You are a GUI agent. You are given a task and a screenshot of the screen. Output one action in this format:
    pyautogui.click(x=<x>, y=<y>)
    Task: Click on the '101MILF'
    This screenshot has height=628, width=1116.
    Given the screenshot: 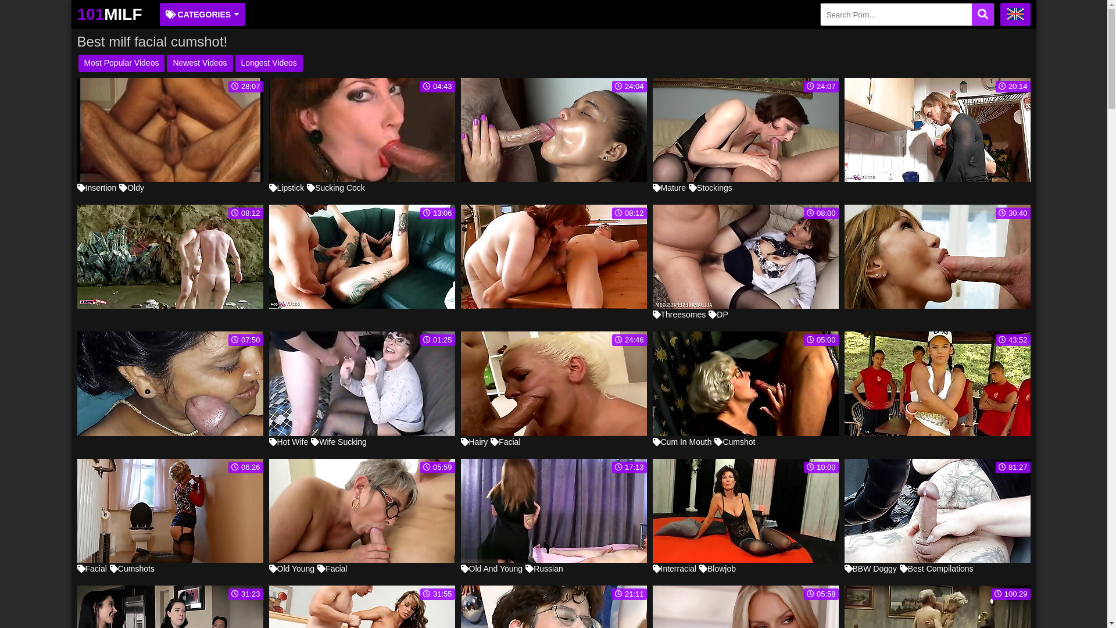 What is the action you would take?
    pyautogui.click(x=109, y=14)
    